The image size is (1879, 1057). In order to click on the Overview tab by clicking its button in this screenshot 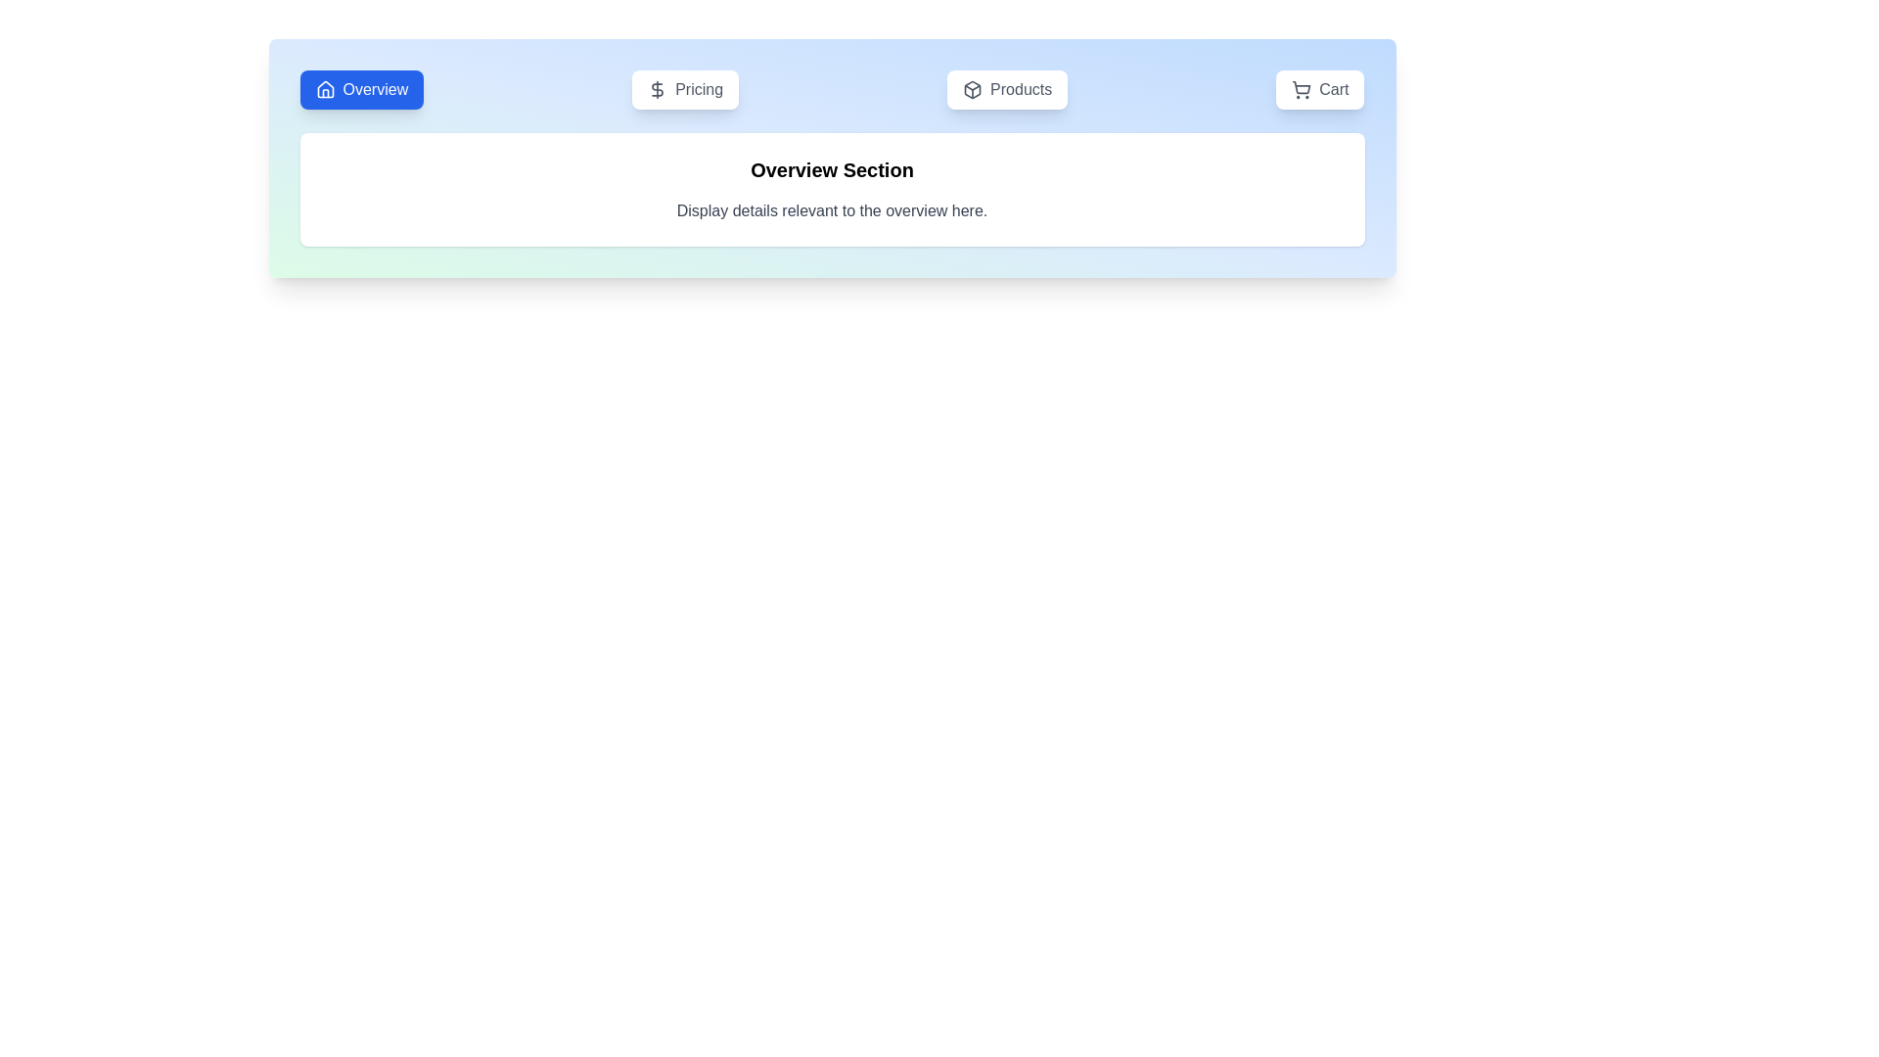, I will do `click(361, 90)`.